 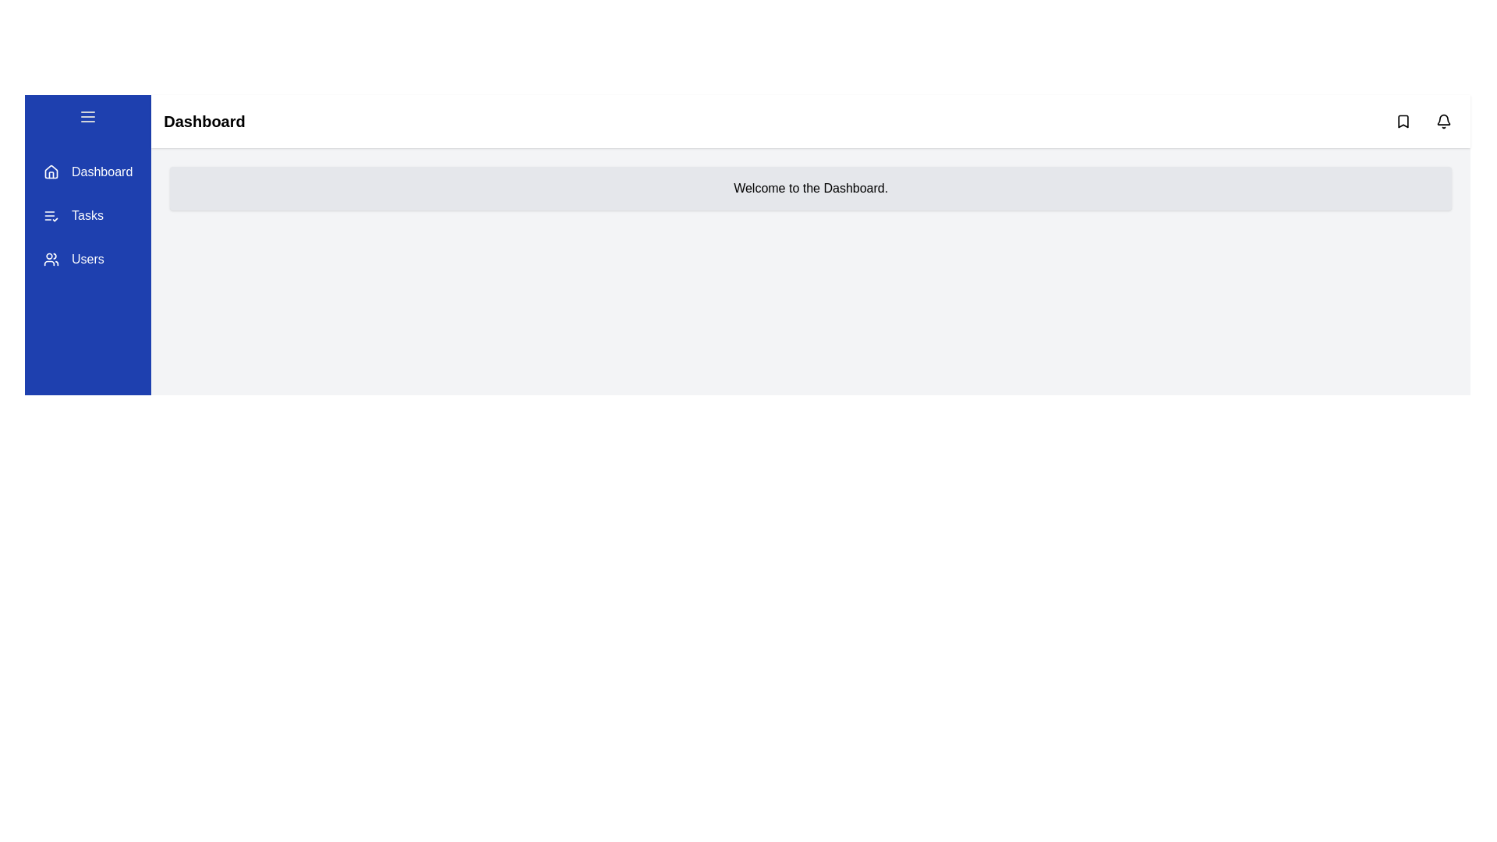 I want to click on the 'Tasks' label, so click(x=87, y=216).